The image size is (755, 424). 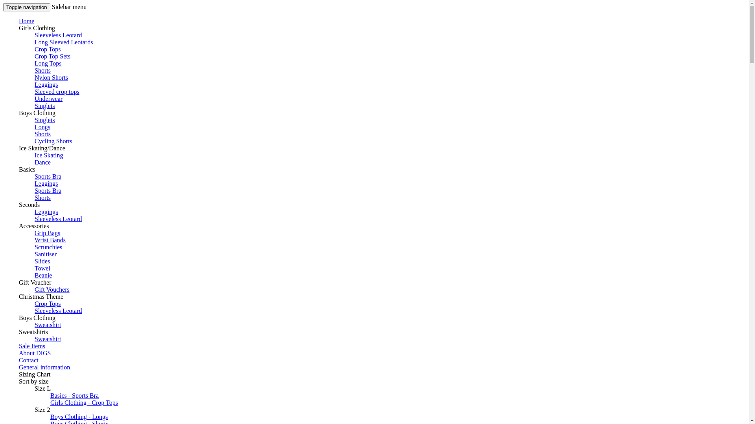 What do you see at coordinates (42, 409) in the screenshot?
I see `'Size 2'` at bounding box center [42, 409].